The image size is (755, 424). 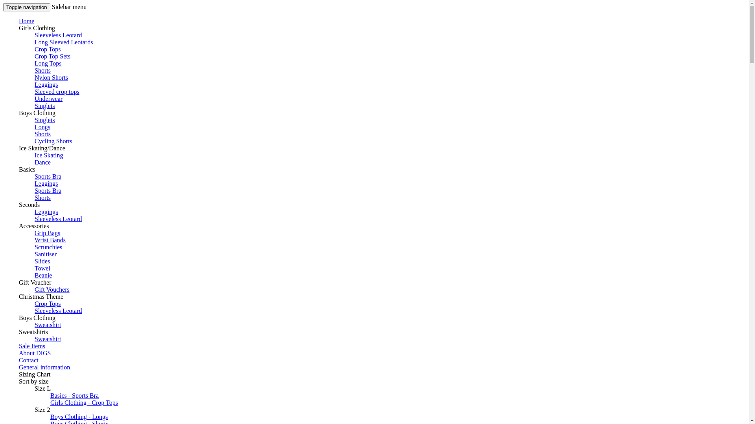 What do you see at coordinates (42, 409) in the screenshot?
I see `'Size 2'` at bounding box center [42, 409].